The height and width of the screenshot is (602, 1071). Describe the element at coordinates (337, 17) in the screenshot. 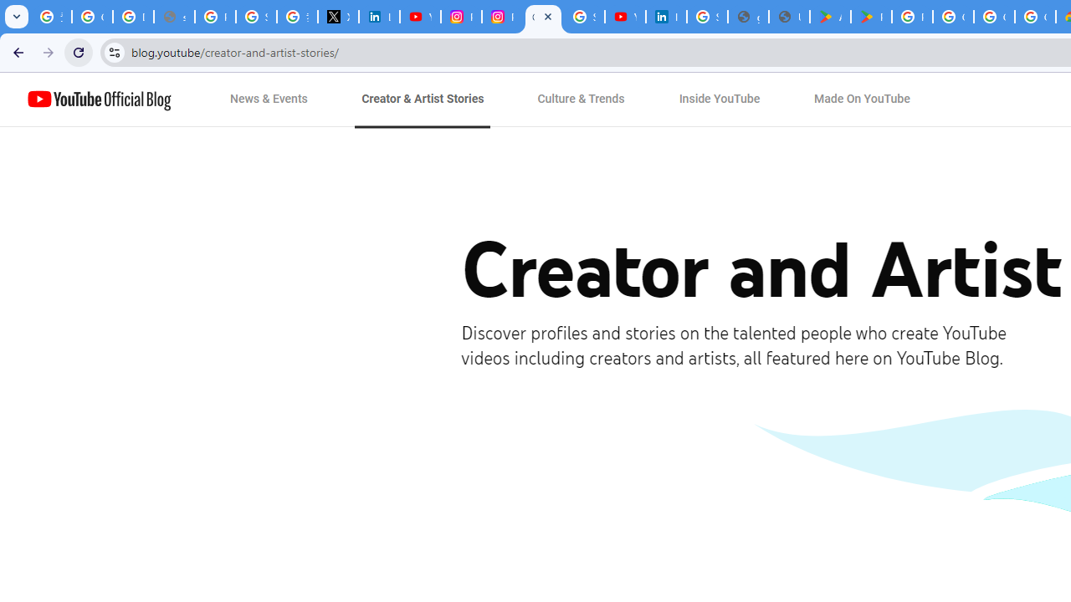

I see `'X'` at that location.